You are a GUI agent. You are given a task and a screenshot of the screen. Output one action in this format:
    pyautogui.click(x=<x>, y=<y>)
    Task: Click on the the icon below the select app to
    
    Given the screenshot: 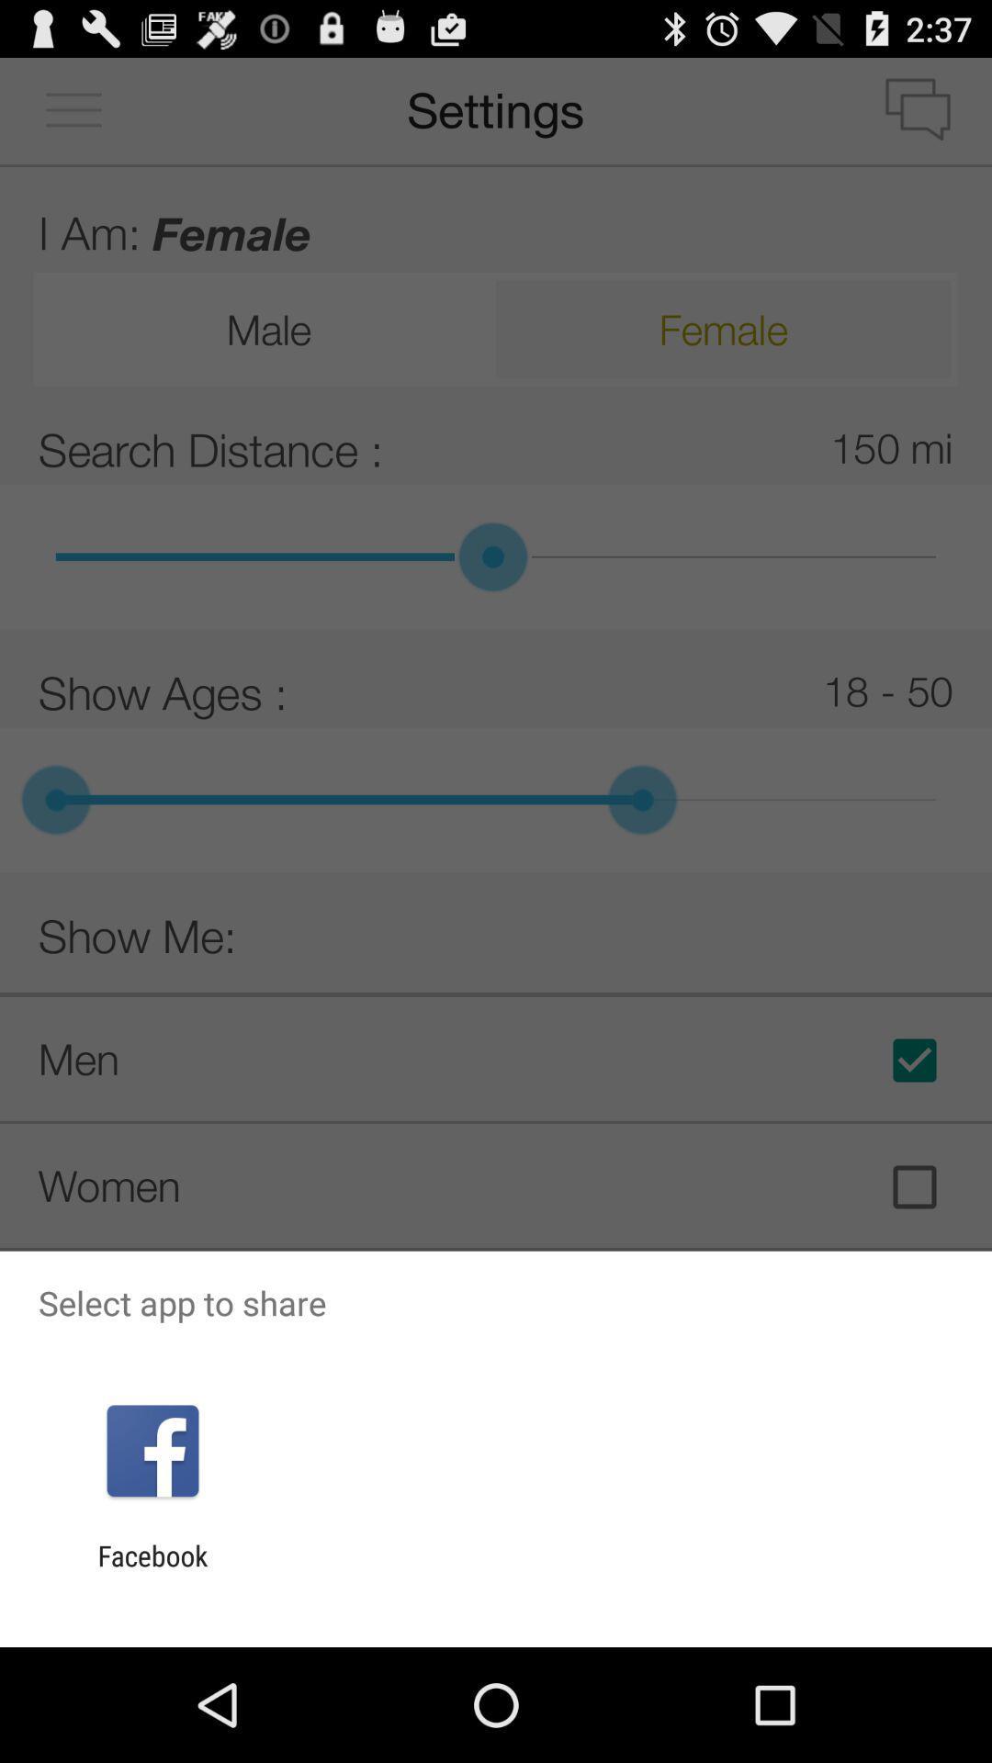 What is the action you would take?
    pyautogui.click(x=152, y=1450)
    